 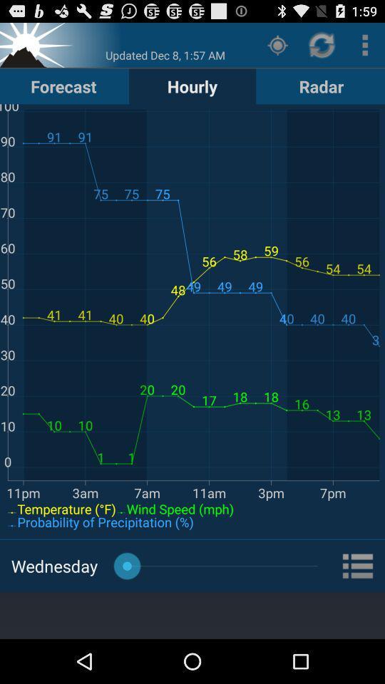 What do you see at coordinates (63, 85) in the screenshot?
I see `icon to the left of the hourly icon` at bounding box center [63, 85].